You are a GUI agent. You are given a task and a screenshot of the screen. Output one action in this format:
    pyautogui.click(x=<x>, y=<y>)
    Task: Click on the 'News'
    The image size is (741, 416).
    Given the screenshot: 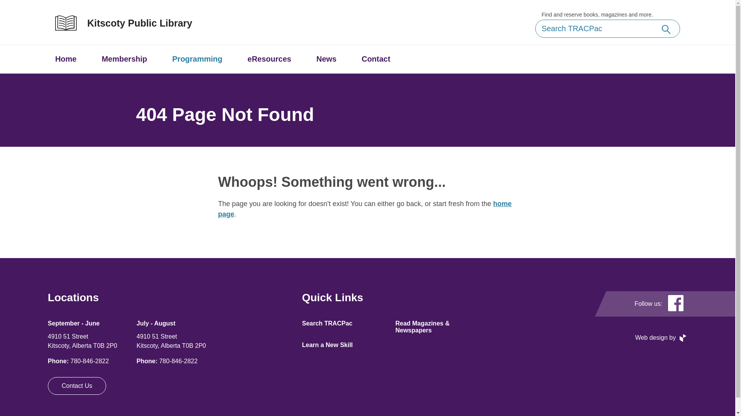 What is the action you would take?
    pyautogui.click(x=326, y=59)
    